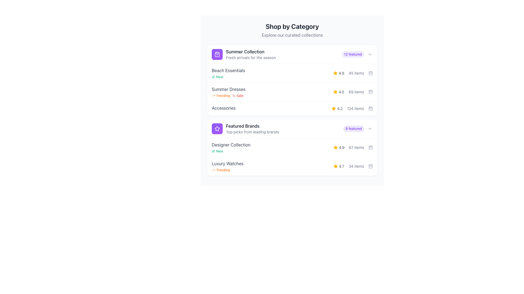 Image resolution: width=524 pixels, height=294 pixels. Describe the element at coordinates (334, 108) in the screenshot. I see `the appearance of the third Rating Star Icon located on the right side of the 'Accessories' list item in the 'Summer Collection' category` at that location.